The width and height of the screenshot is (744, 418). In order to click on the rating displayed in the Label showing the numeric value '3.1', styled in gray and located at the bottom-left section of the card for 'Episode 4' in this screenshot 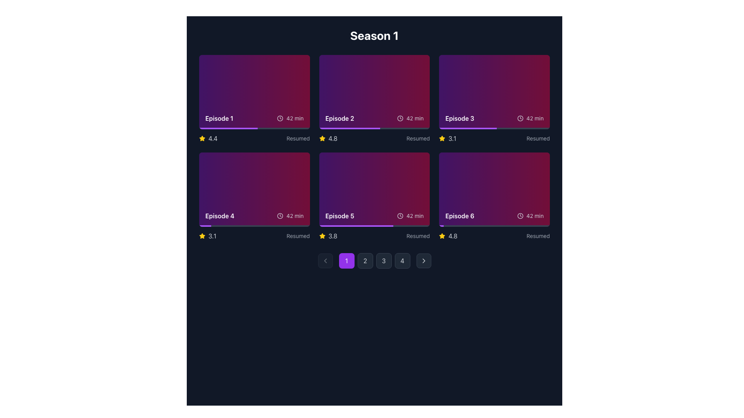, I will do `click(452, 138)`.